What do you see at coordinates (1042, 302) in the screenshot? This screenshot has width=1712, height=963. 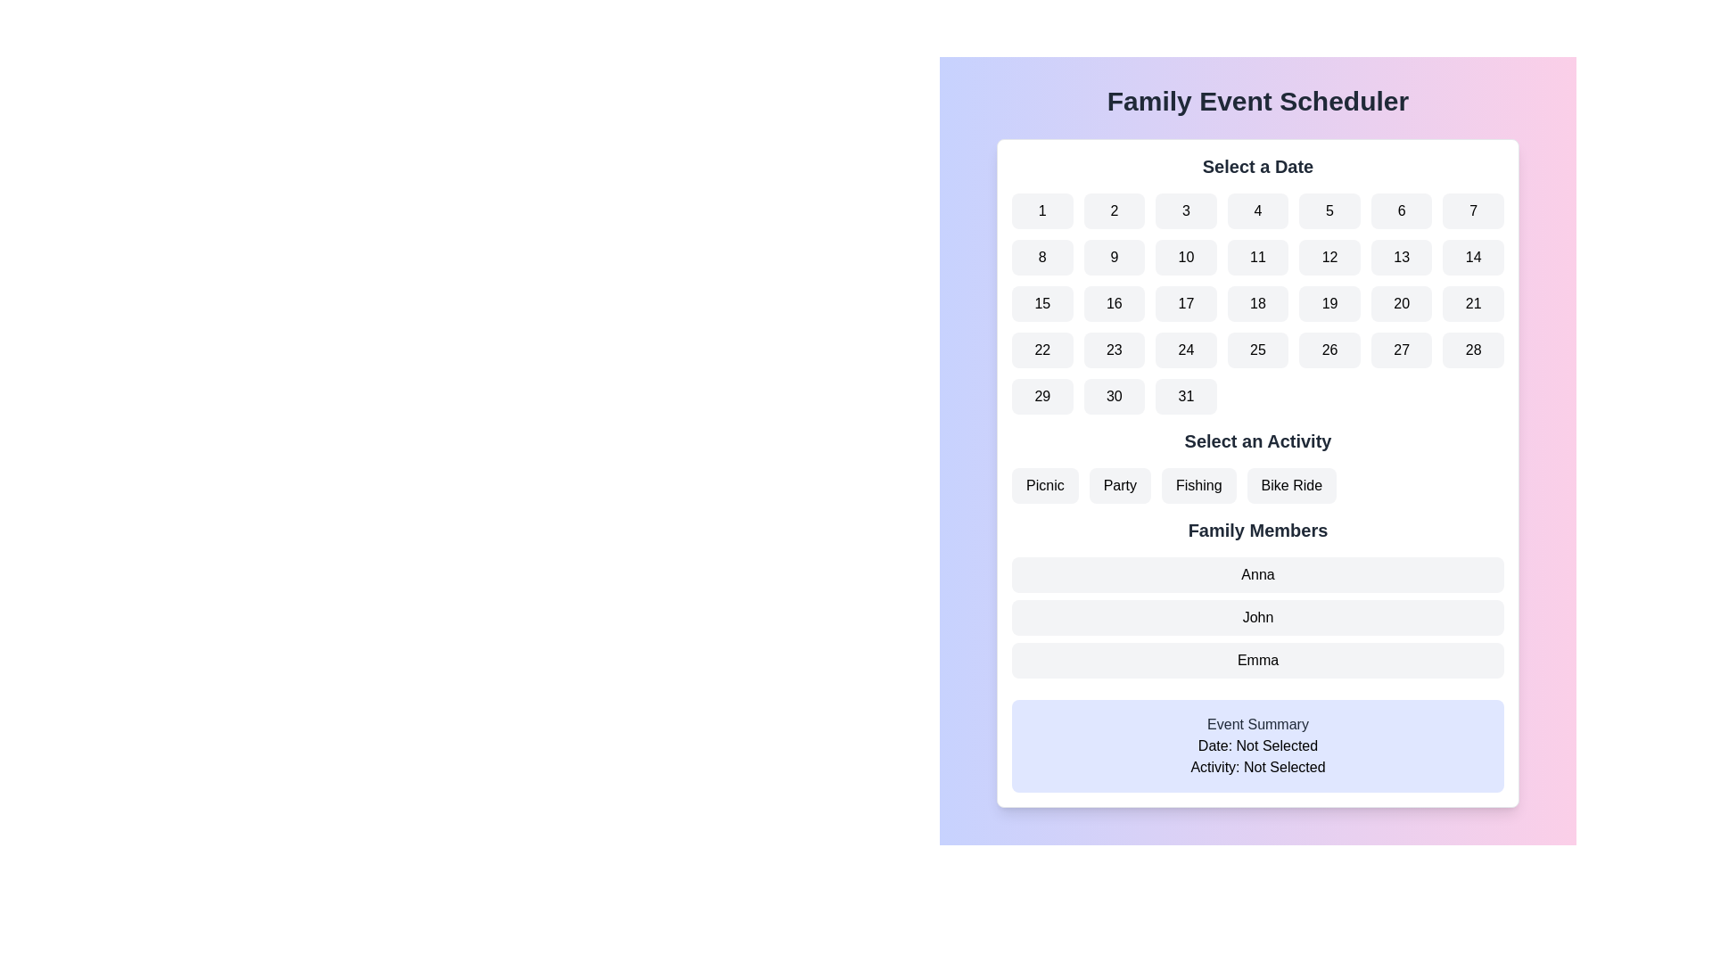 I see `the calendar button representing the date '15'` at bounding box center [1042, 302].